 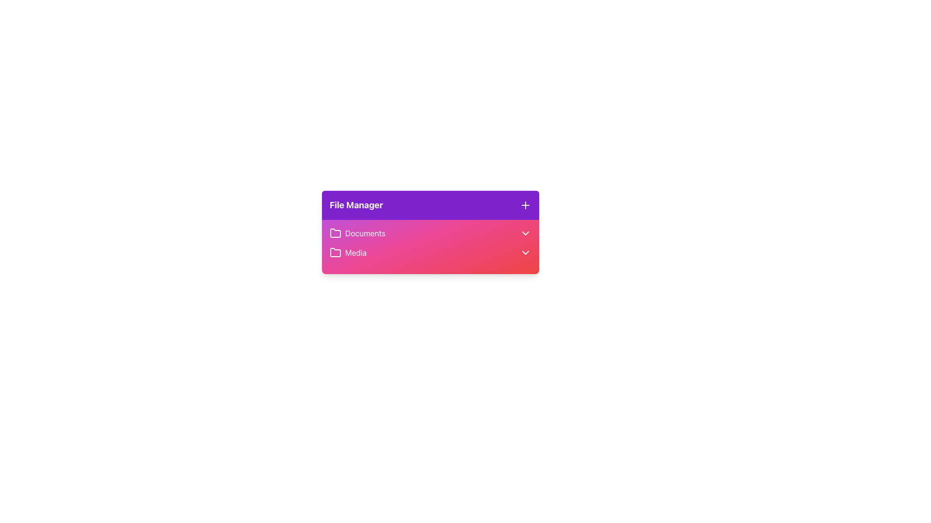 I want to click on the text label that serves as a title or heading for the file manager, located in the purple header section, centered horizontally and aligned left of the '+' icon button, so click(x=355, y=205).